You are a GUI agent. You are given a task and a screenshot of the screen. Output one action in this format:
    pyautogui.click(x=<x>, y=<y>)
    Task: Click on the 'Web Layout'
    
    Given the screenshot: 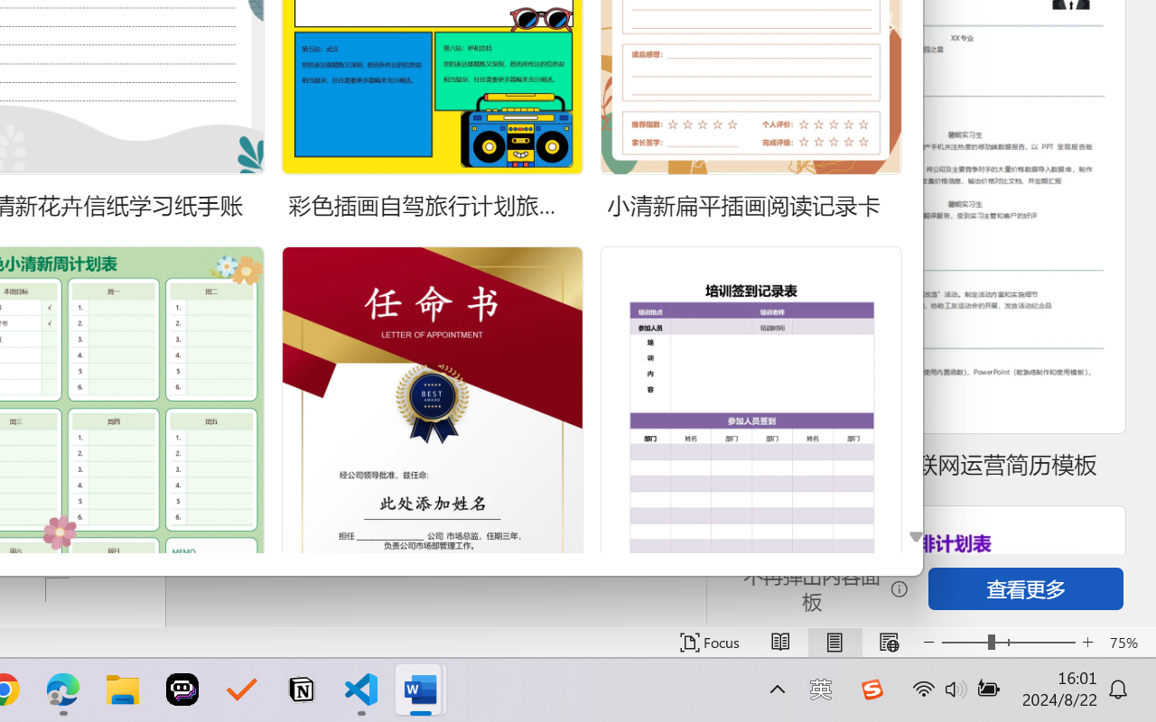 What is the action you would take?
    pyautogui.click(x=889, y=642)
    